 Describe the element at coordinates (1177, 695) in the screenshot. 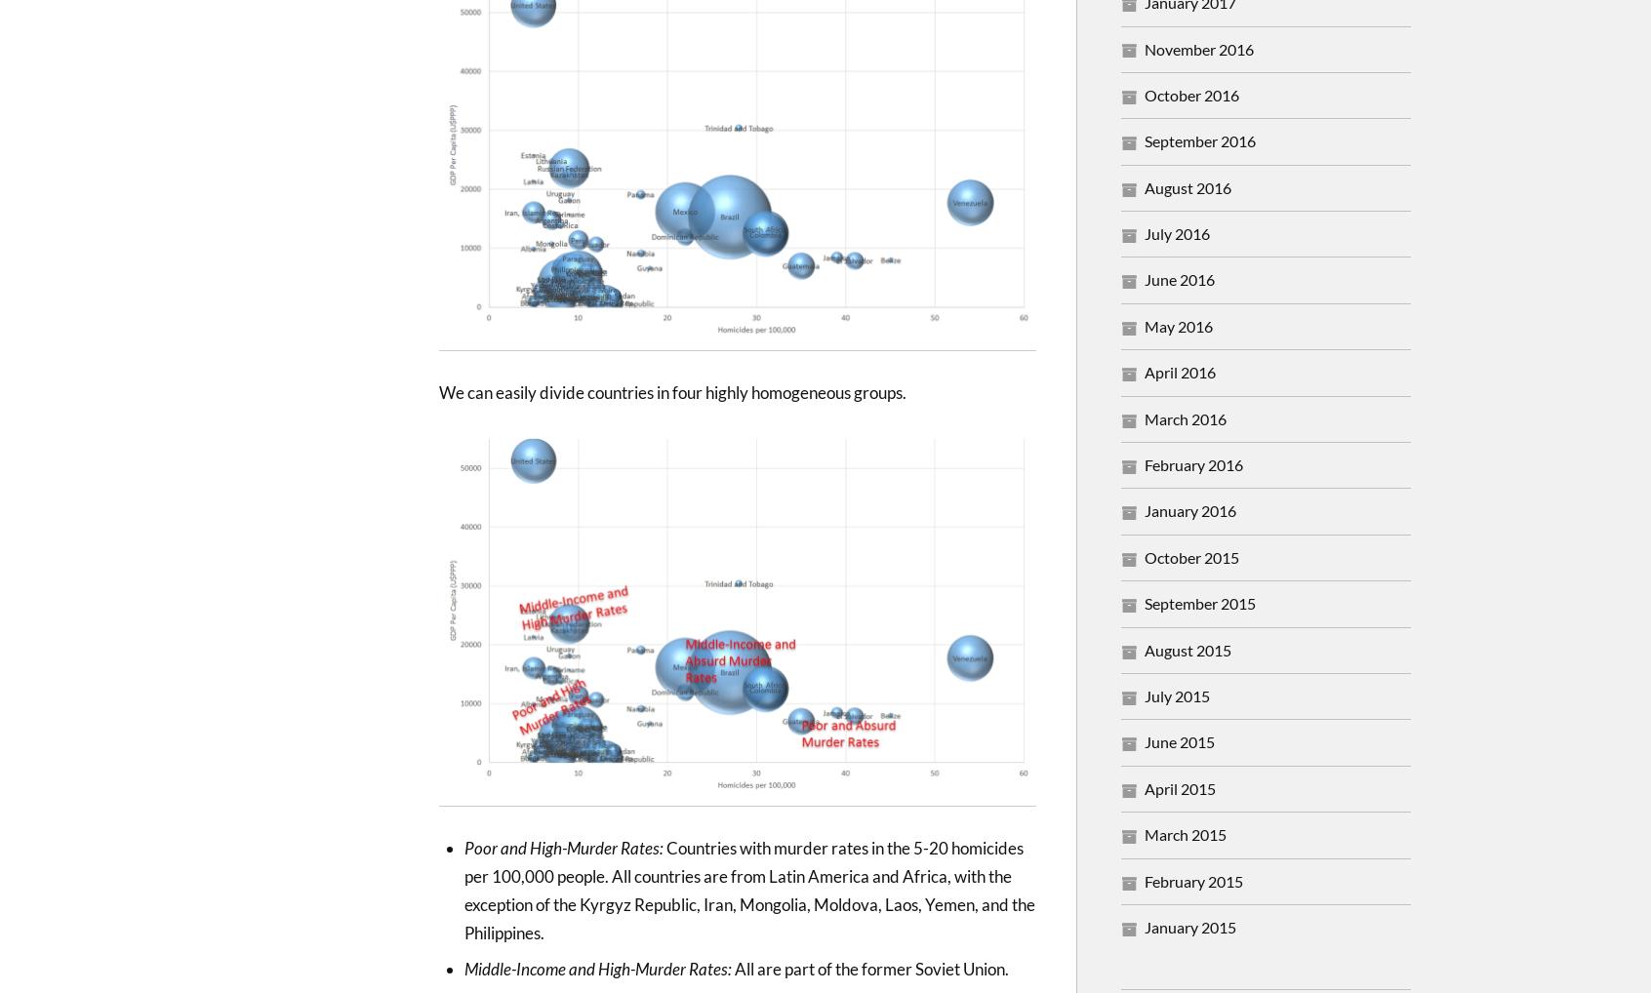

I see `'July 2015'` at that location.